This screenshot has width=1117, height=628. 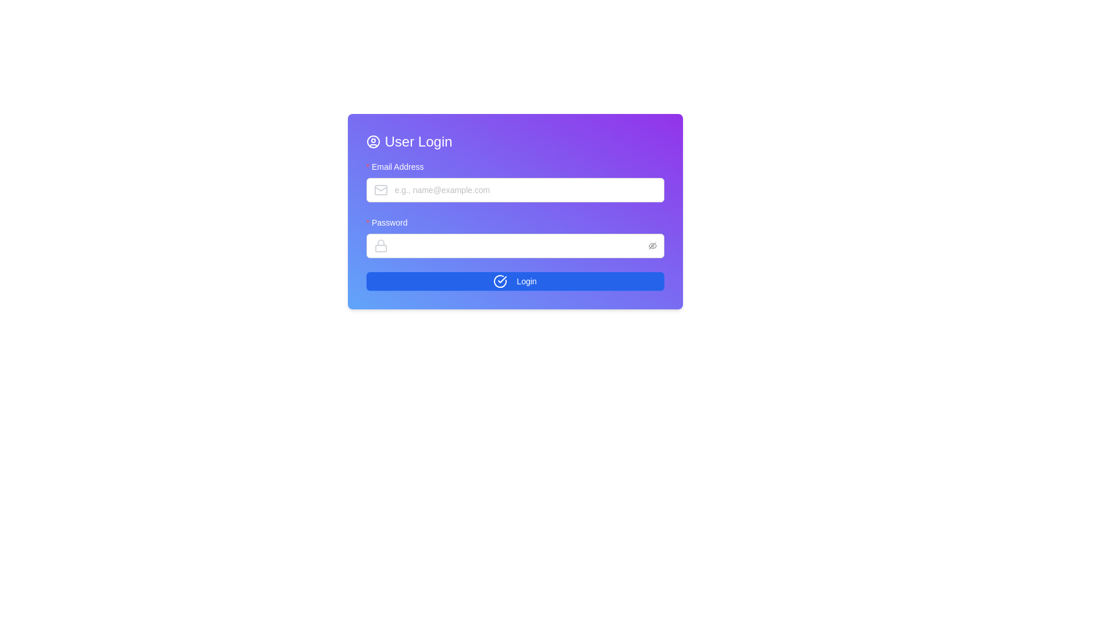 I want to click on the 'eye with a slash' icon next to the password input field, so click(x=652, y=245).